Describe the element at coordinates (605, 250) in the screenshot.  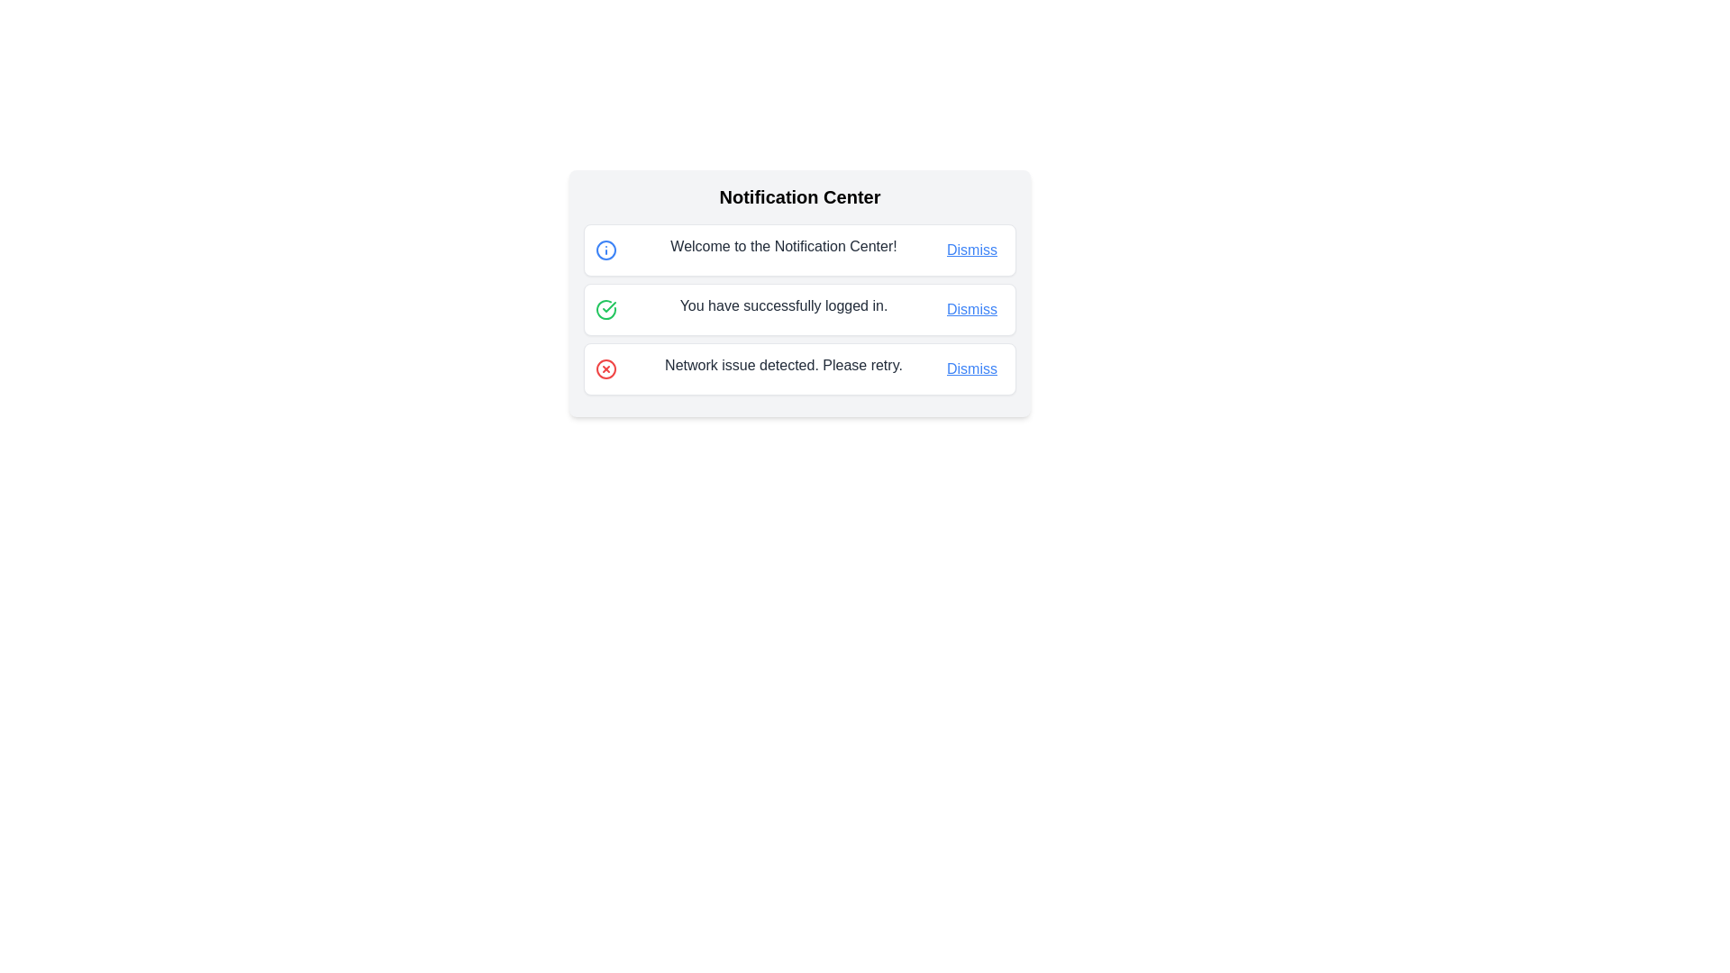
I see `the circular blue icon with an embedded 'i' symbol located at the top-left corner of the notification card that includes the text 'Welcome to the Notification Center!'` at that location.